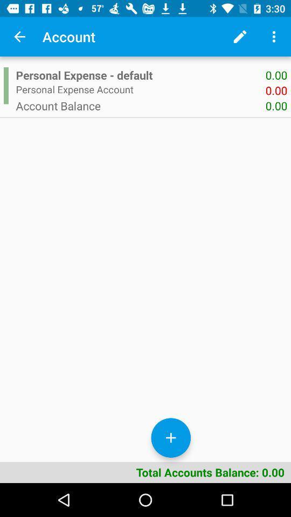 The image size is (291, 517). What do you see at coordinates (171, 438) in the screenshot?
I see `the item above the total accounts balance icon` at bounding box center [171, 438].